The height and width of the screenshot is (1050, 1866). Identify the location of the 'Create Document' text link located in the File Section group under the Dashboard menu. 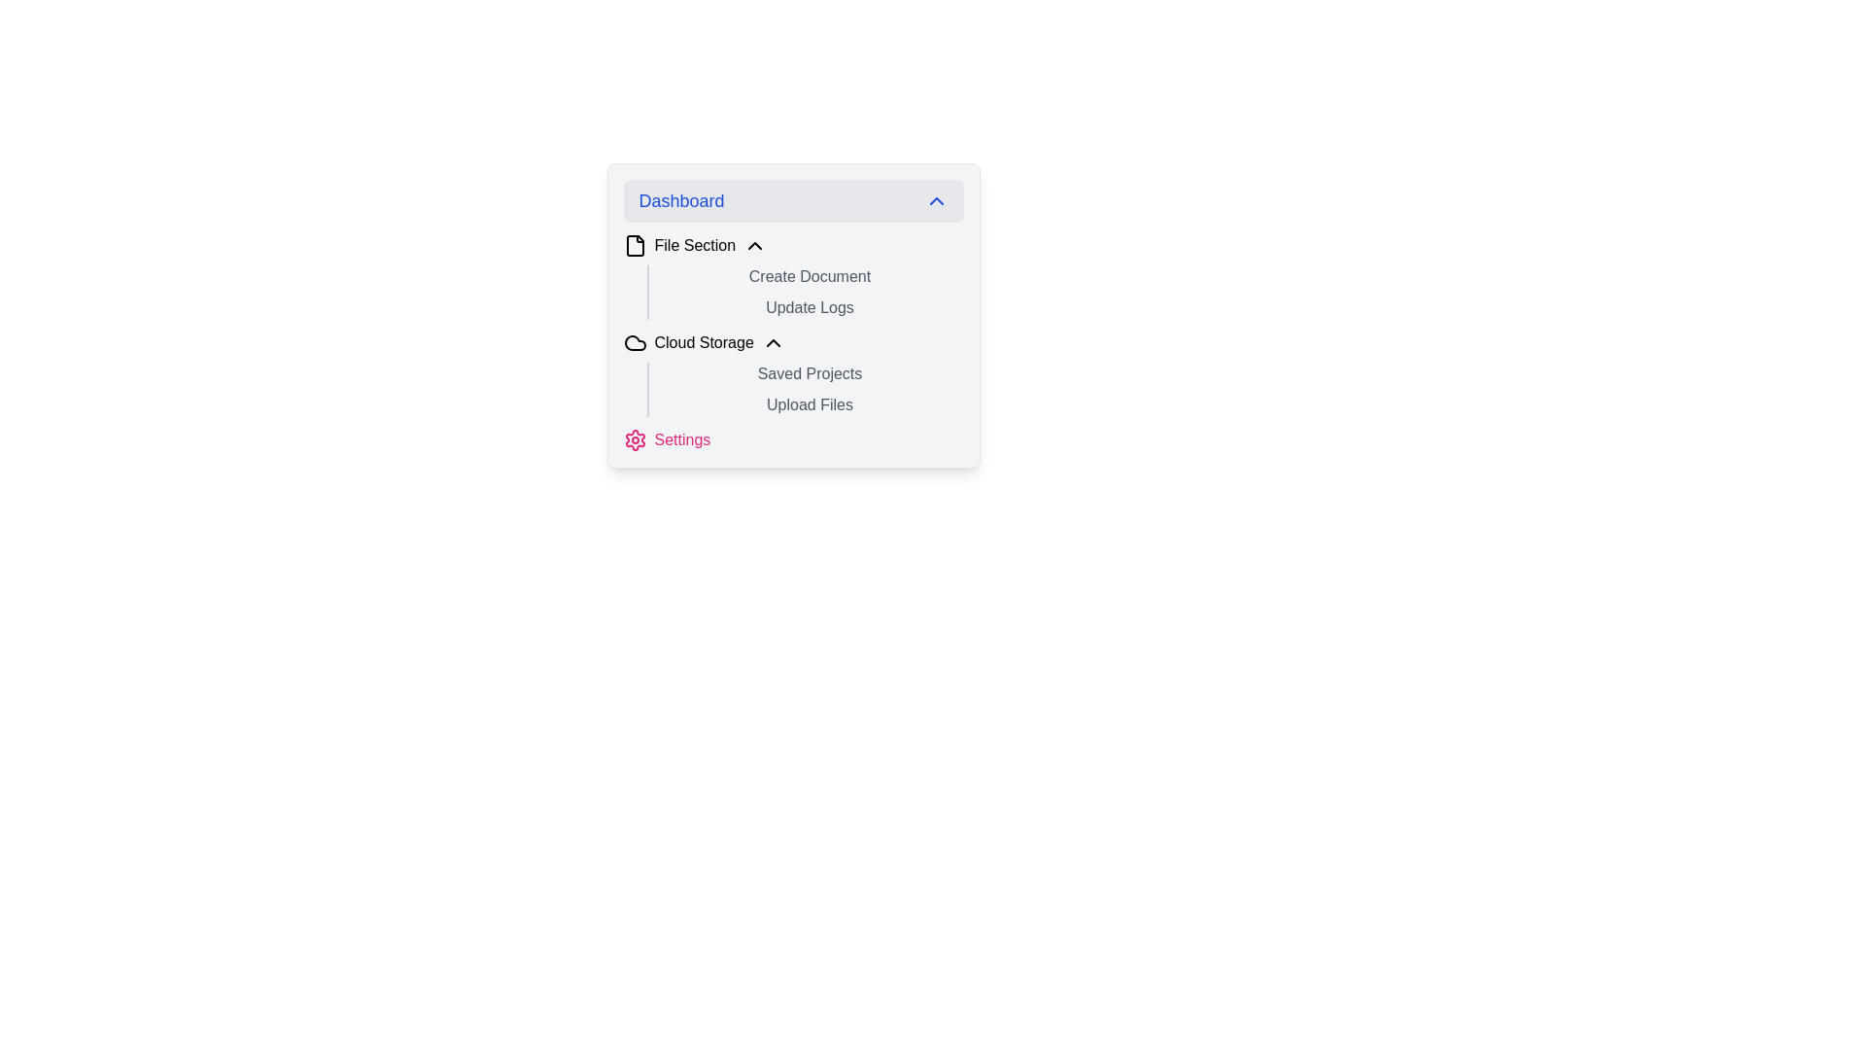
(806, 277).